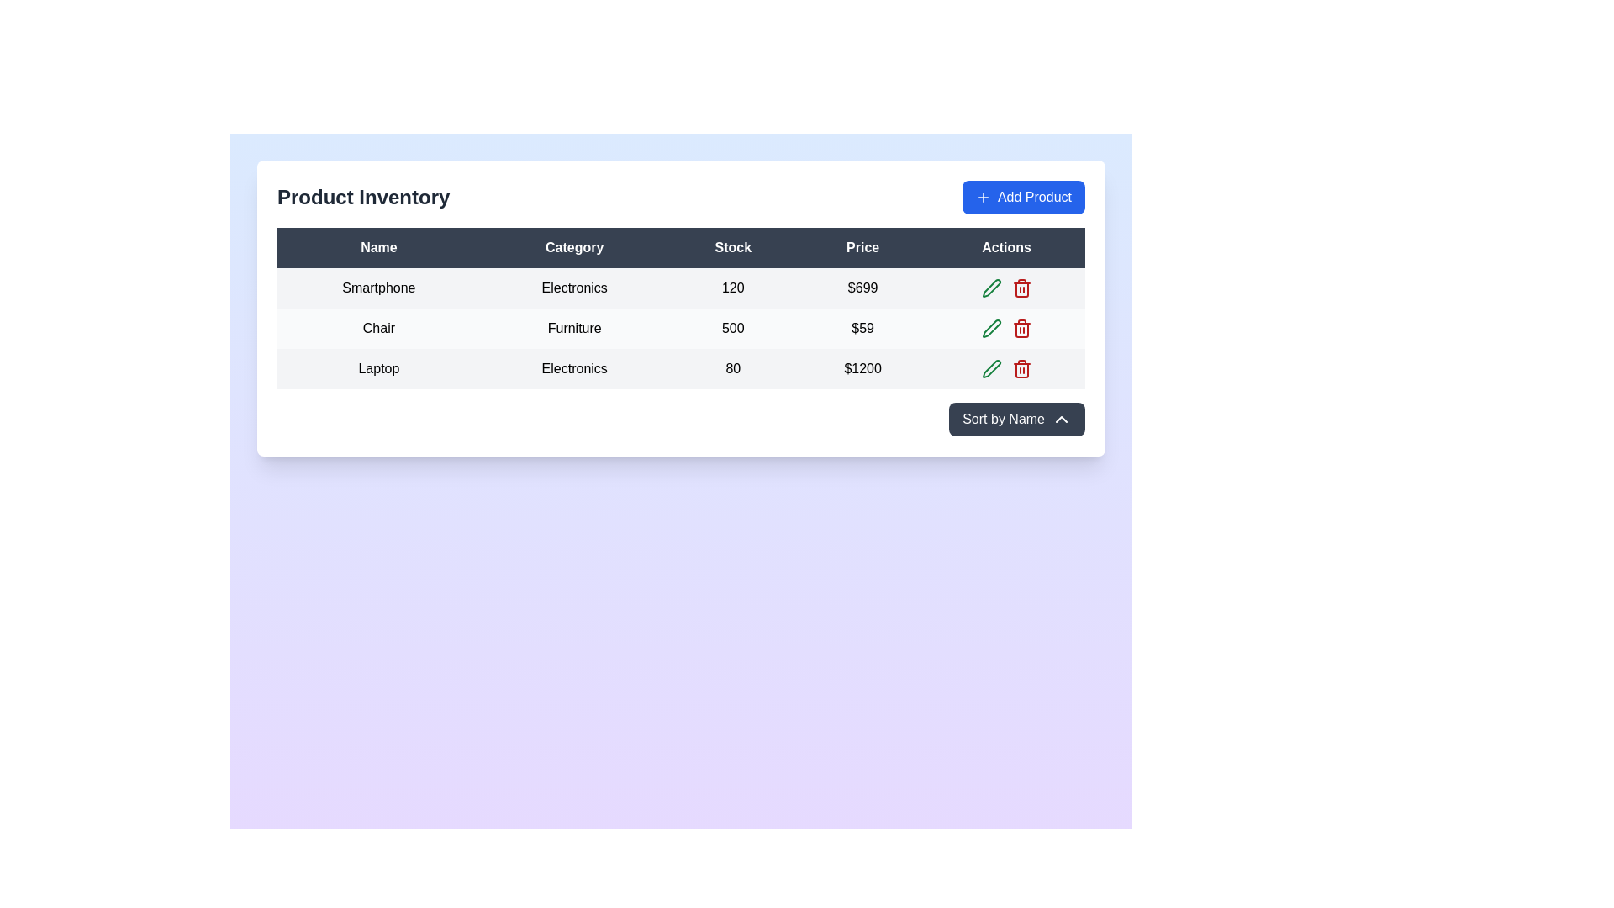  I want to click on the text label displaying 'Electronics' located in the second column of the first data row under the 'Category' header of the table, so click(574, 288).